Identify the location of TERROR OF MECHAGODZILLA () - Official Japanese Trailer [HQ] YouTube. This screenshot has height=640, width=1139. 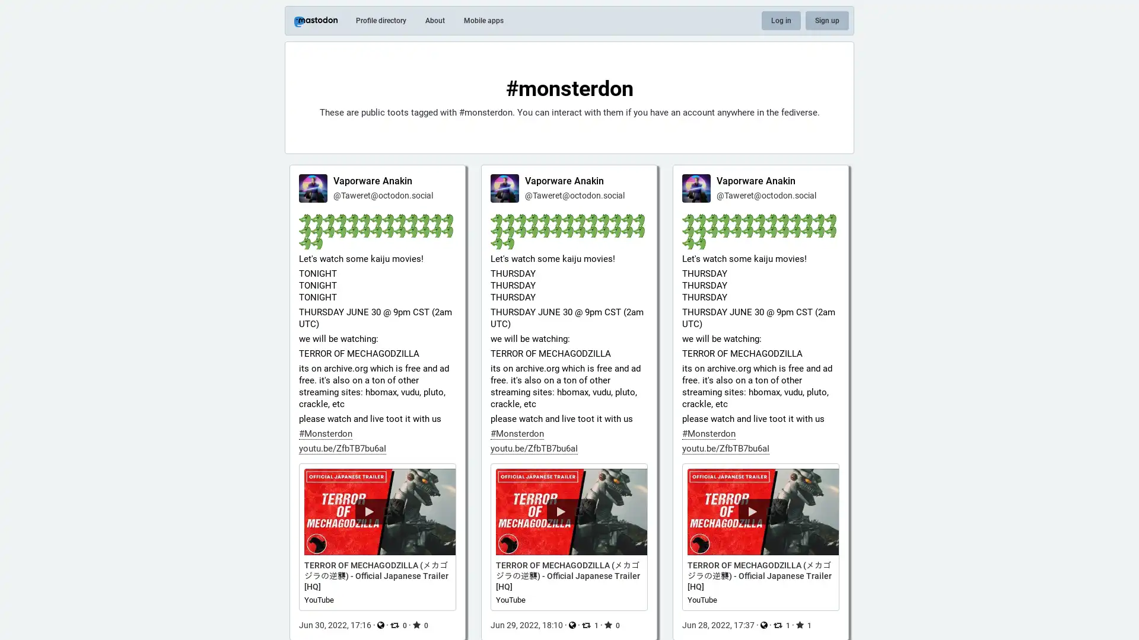
(377, 537).